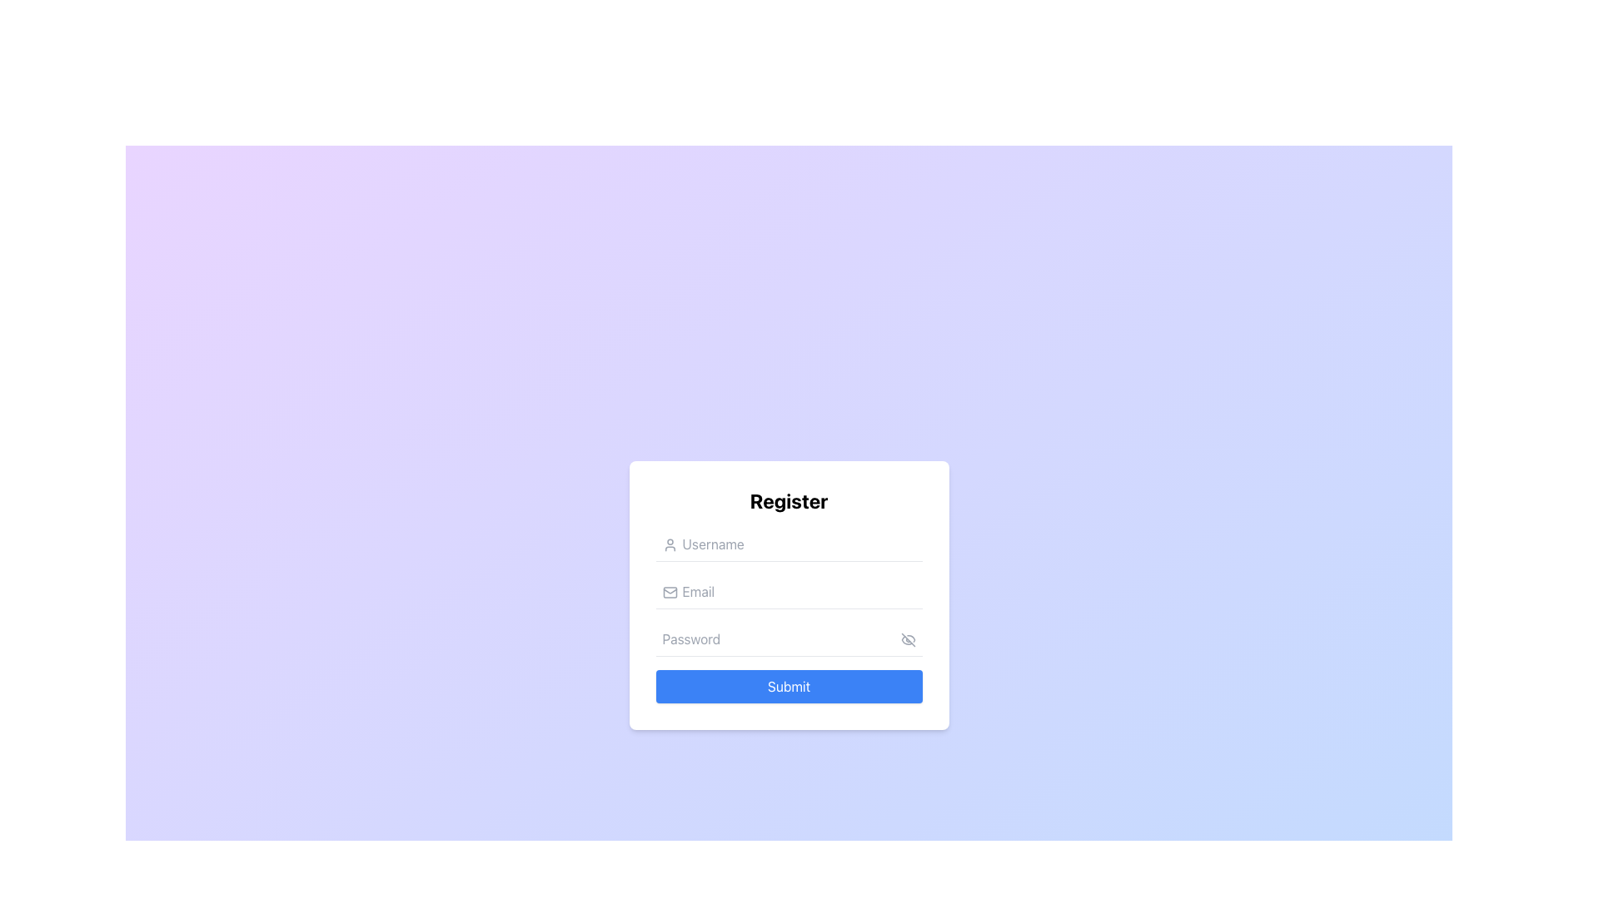 The image size is (1599, 899). I want to click on the submit button located at the bottom of the form layout to activate hover effects, so click(788, 686).